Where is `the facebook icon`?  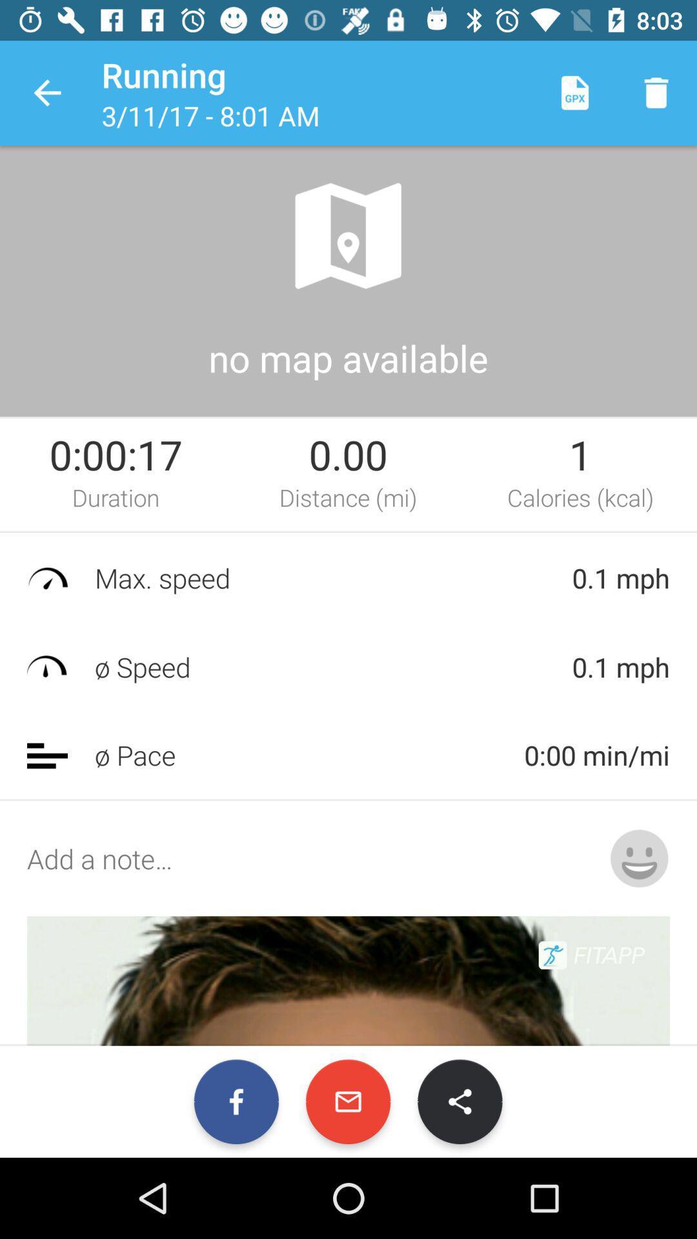 the facebook icon is located at coordinates (236, 1101).